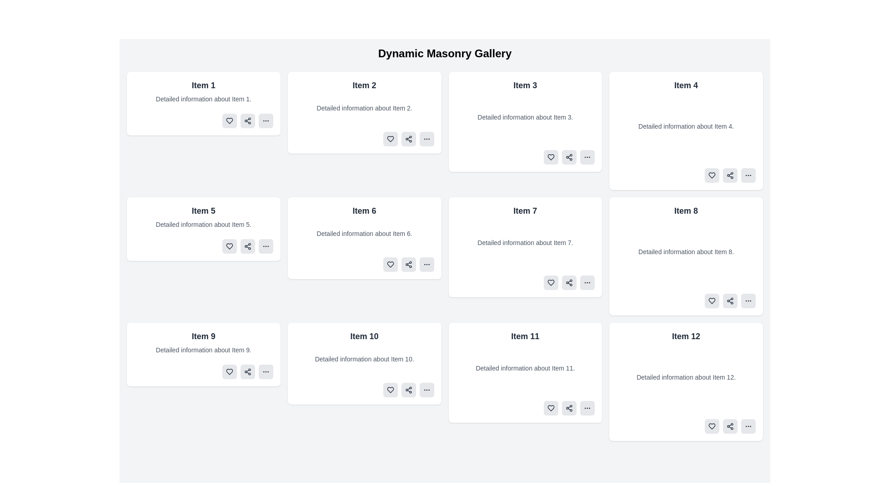  What do you see at coordinates (587, 282) in the screenshot?
I see `the Ellipsis icon located in the bottom-right corner of the 'Item 7' section` at bounding box center [587, 282].